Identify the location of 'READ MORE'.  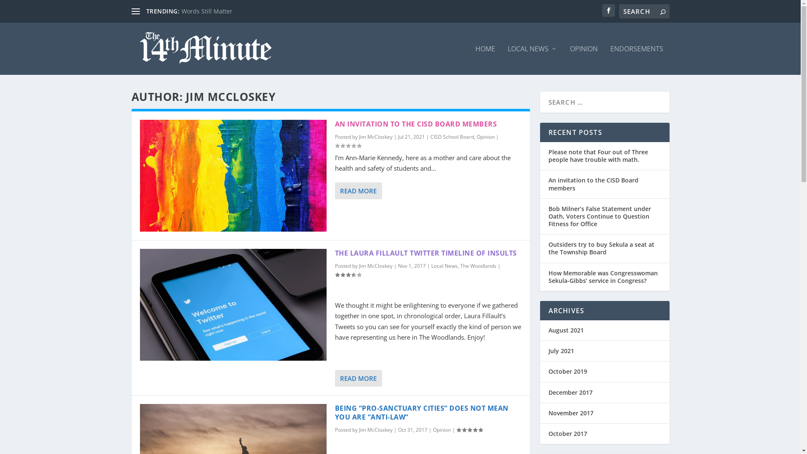
(358, 377).